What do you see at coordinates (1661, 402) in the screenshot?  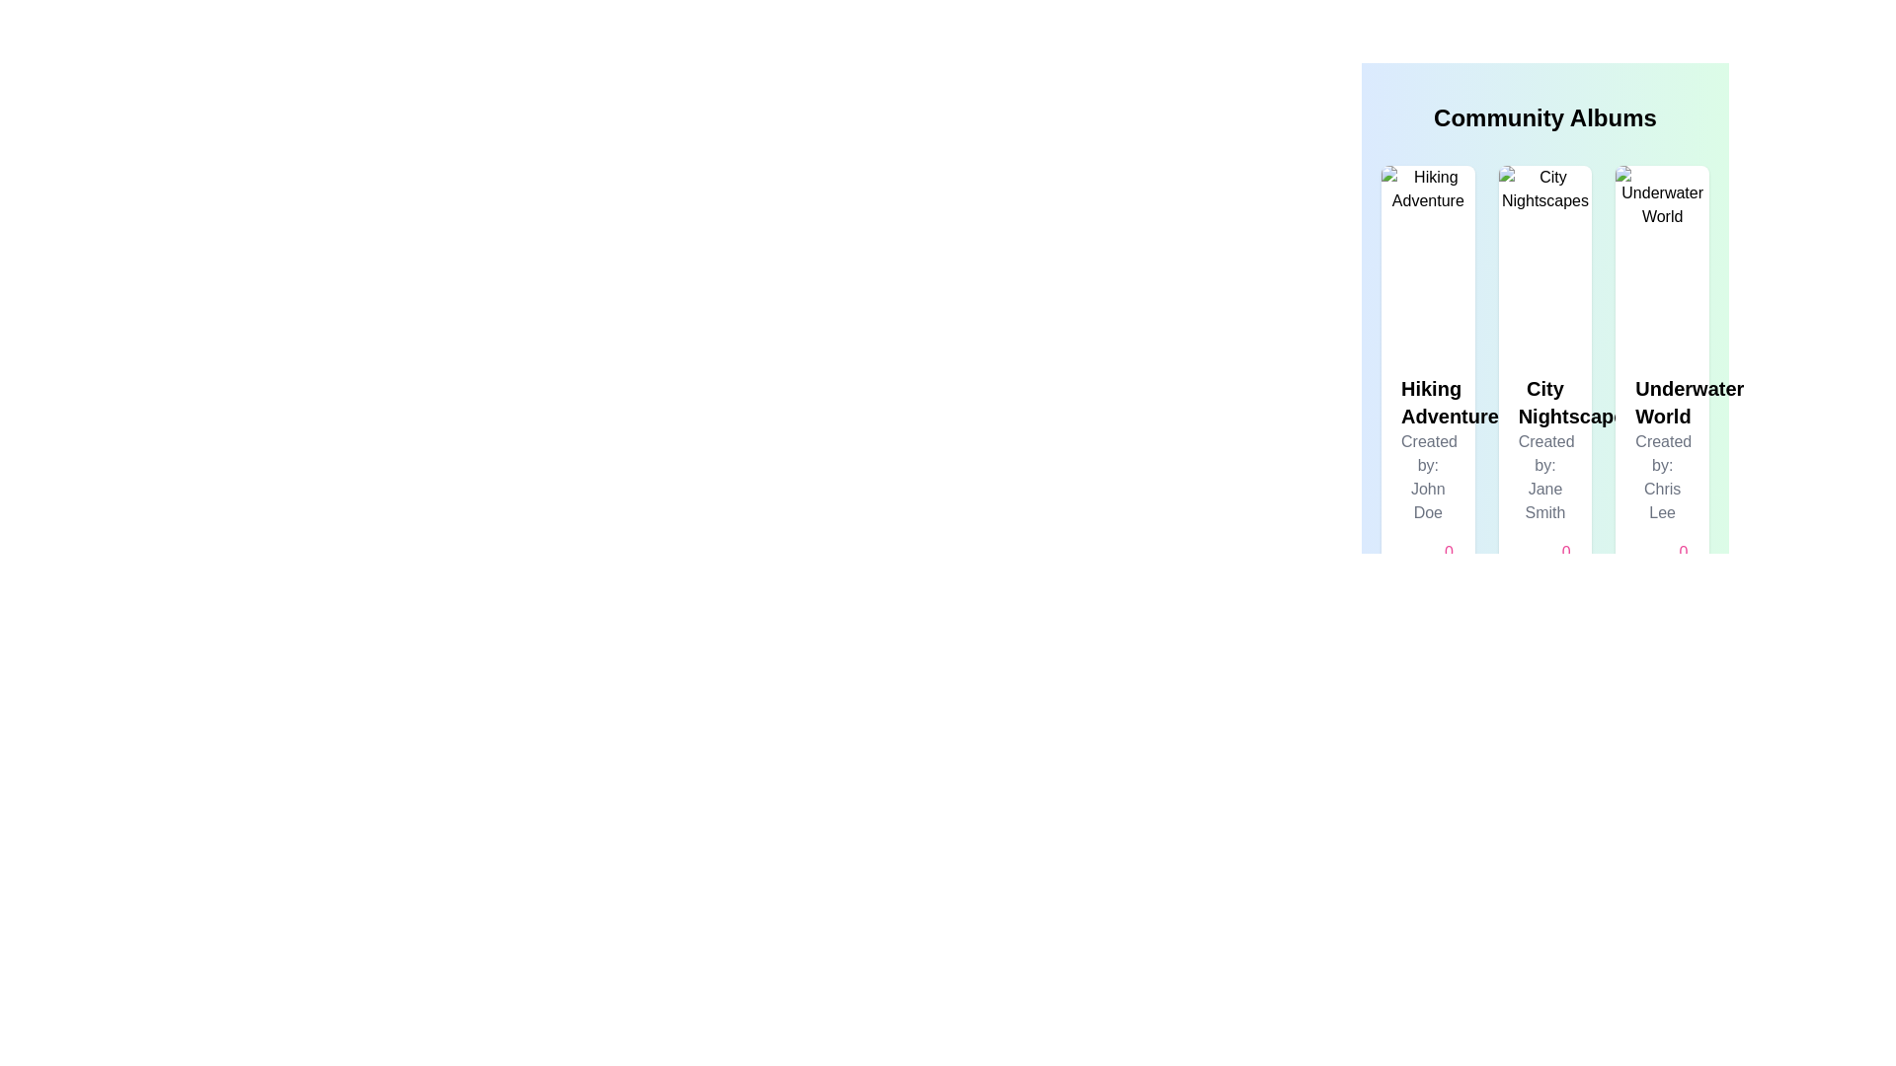 I see `the heading Text Label that indicates the content or topic of the associated section` at bounding box center [1661, 402].